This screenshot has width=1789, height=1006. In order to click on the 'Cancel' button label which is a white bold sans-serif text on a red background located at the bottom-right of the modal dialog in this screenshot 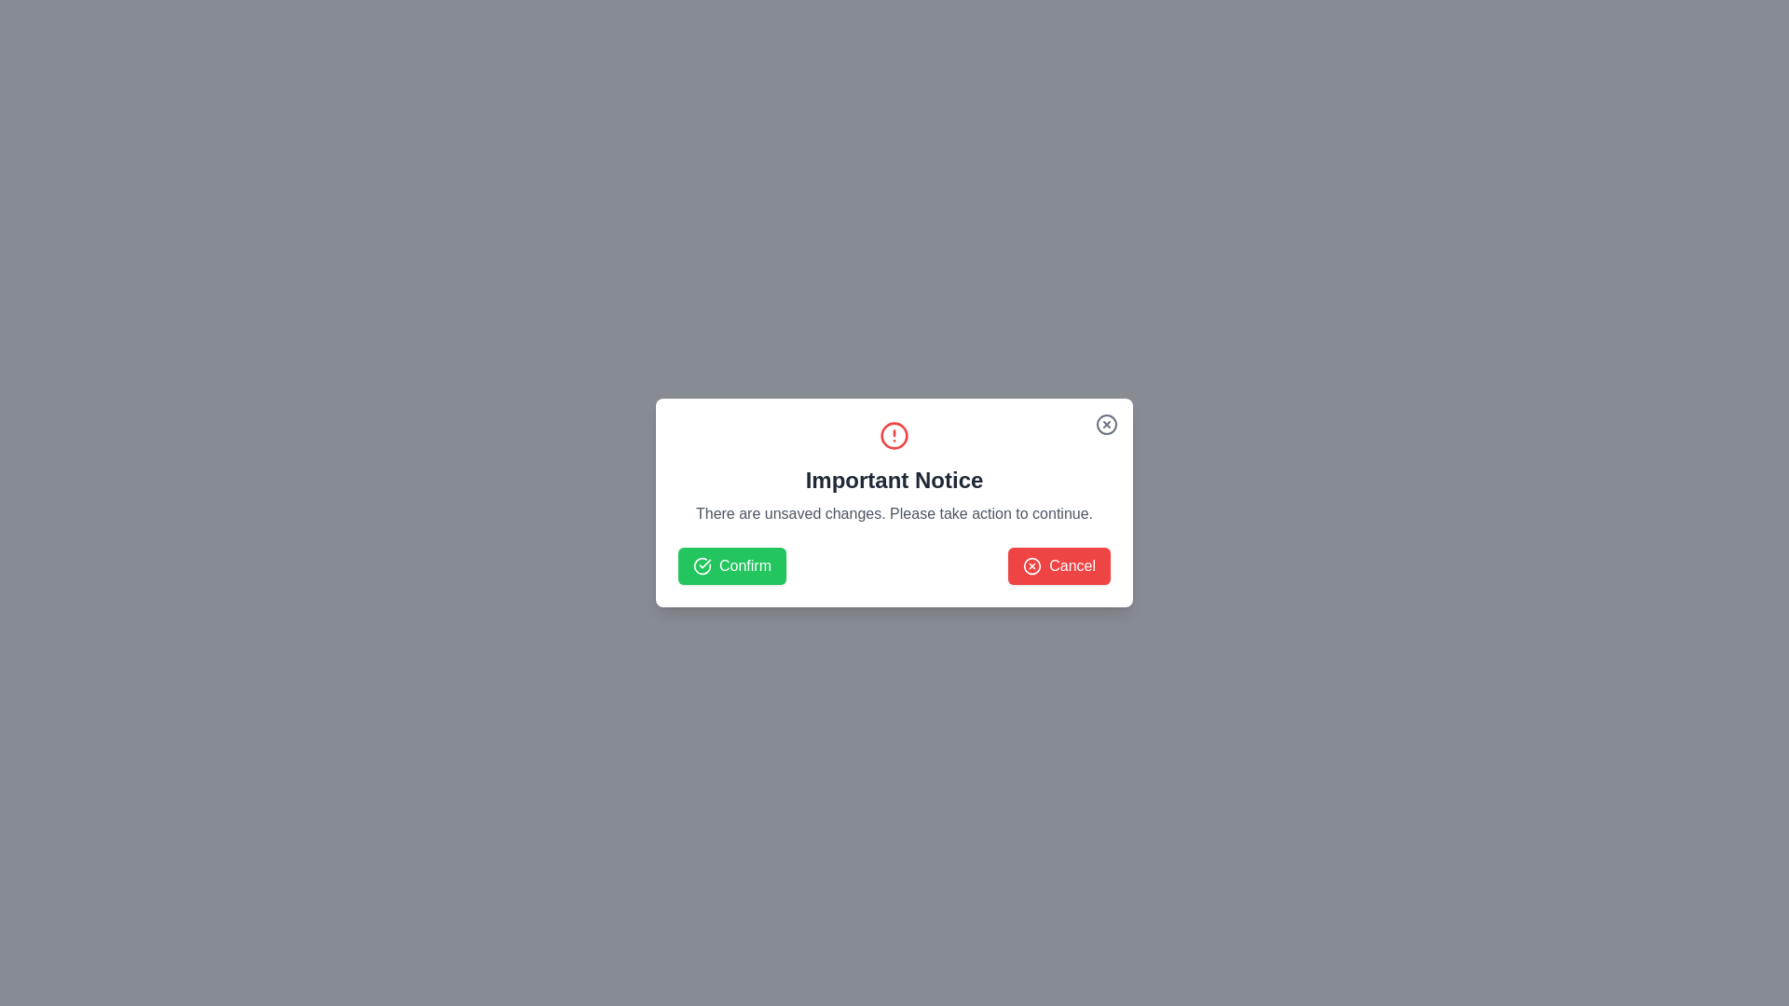, I will do `click(1072, 565)`.